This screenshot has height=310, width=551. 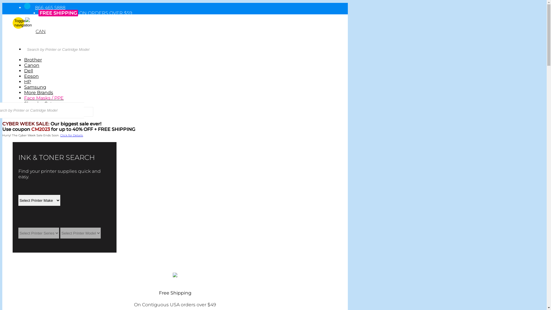 What do you see at coordinates (28, 23) in the screenshot?
I see `'USA'` at bounding box center [28, 23].